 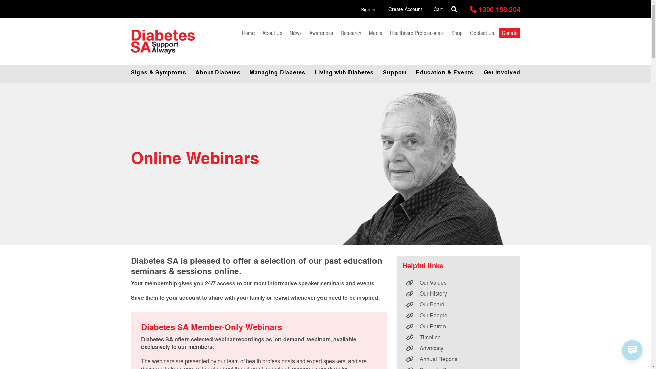 What do you see at coordinates (190, 72) in the screenshot?
I see `'About Diabetes'` at bounding box center [190, 72].